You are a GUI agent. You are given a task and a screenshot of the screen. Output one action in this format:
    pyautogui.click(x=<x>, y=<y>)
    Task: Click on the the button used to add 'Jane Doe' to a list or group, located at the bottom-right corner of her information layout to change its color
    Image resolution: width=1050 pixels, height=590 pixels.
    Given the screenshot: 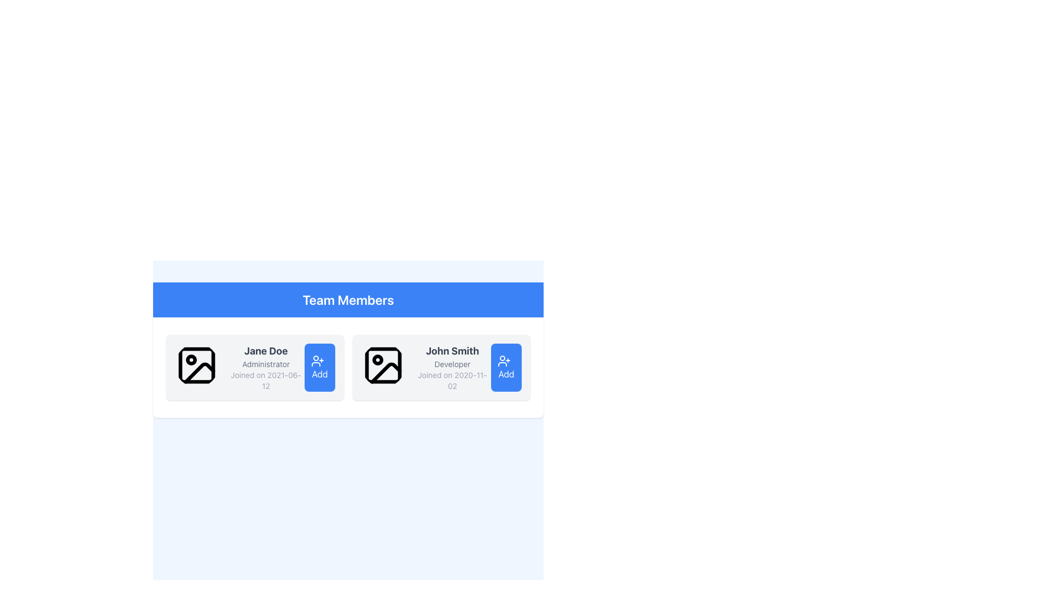 What is the action you would take?
    pyautogui.click(x=319, y=367)
    